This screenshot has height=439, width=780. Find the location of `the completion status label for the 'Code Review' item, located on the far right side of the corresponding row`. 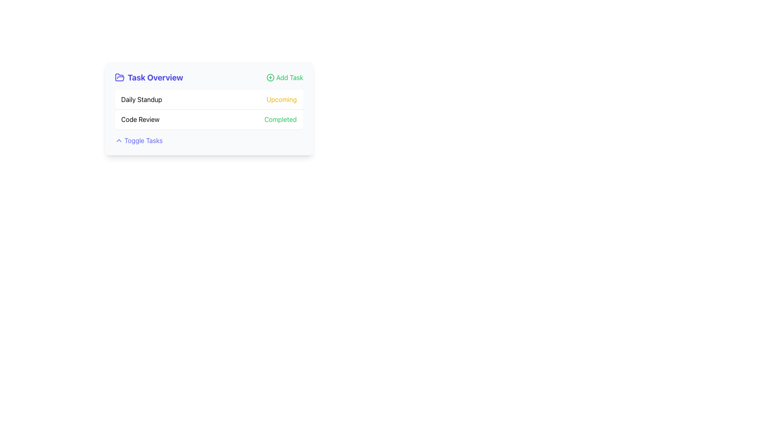

the completion status label for the 'Code Review' item, located on the far right side of the corresponding row is located at coordinates (280, 119).